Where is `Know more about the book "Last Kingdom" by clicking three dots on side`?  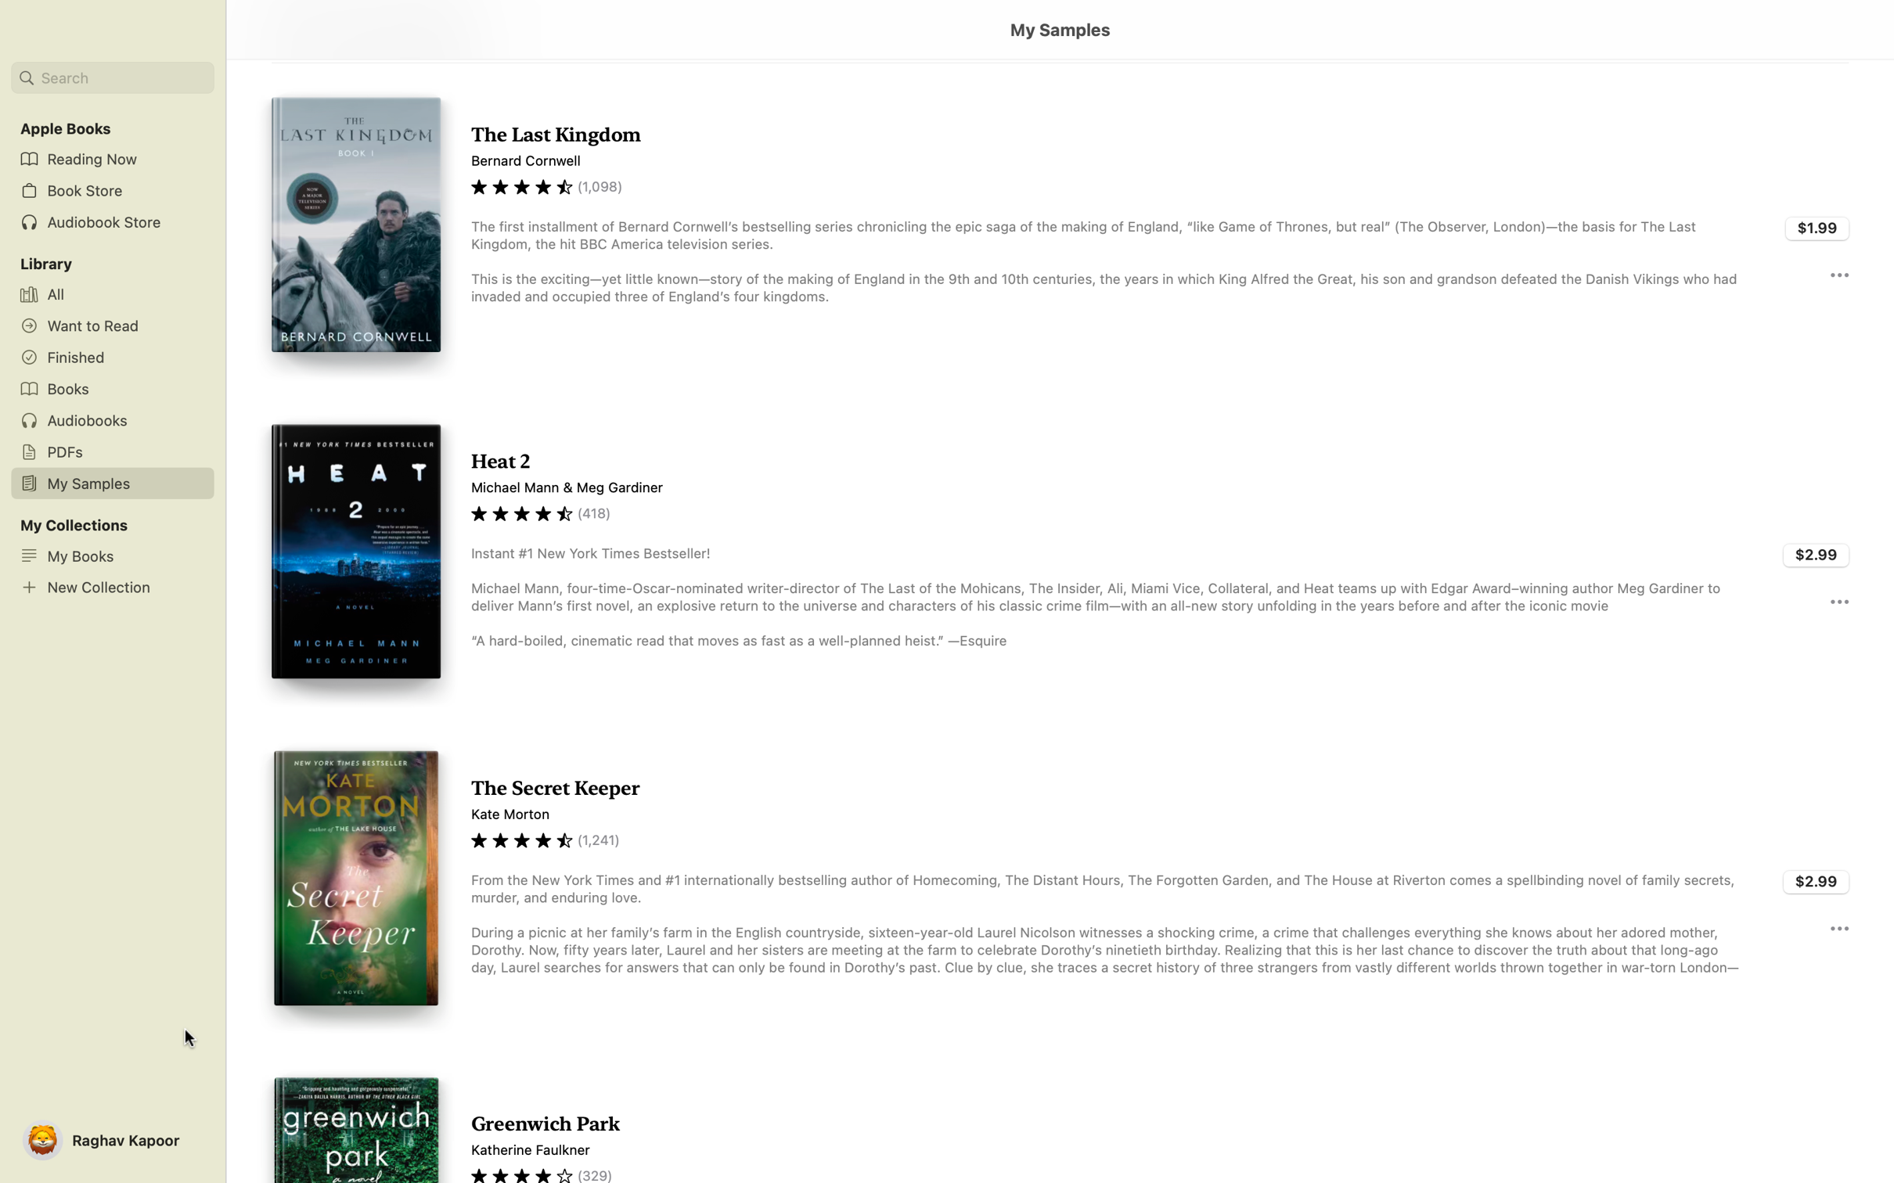 Know more about the book "Last Kingdom" by clicking three dots on side is located at coordinates (1838, 273).